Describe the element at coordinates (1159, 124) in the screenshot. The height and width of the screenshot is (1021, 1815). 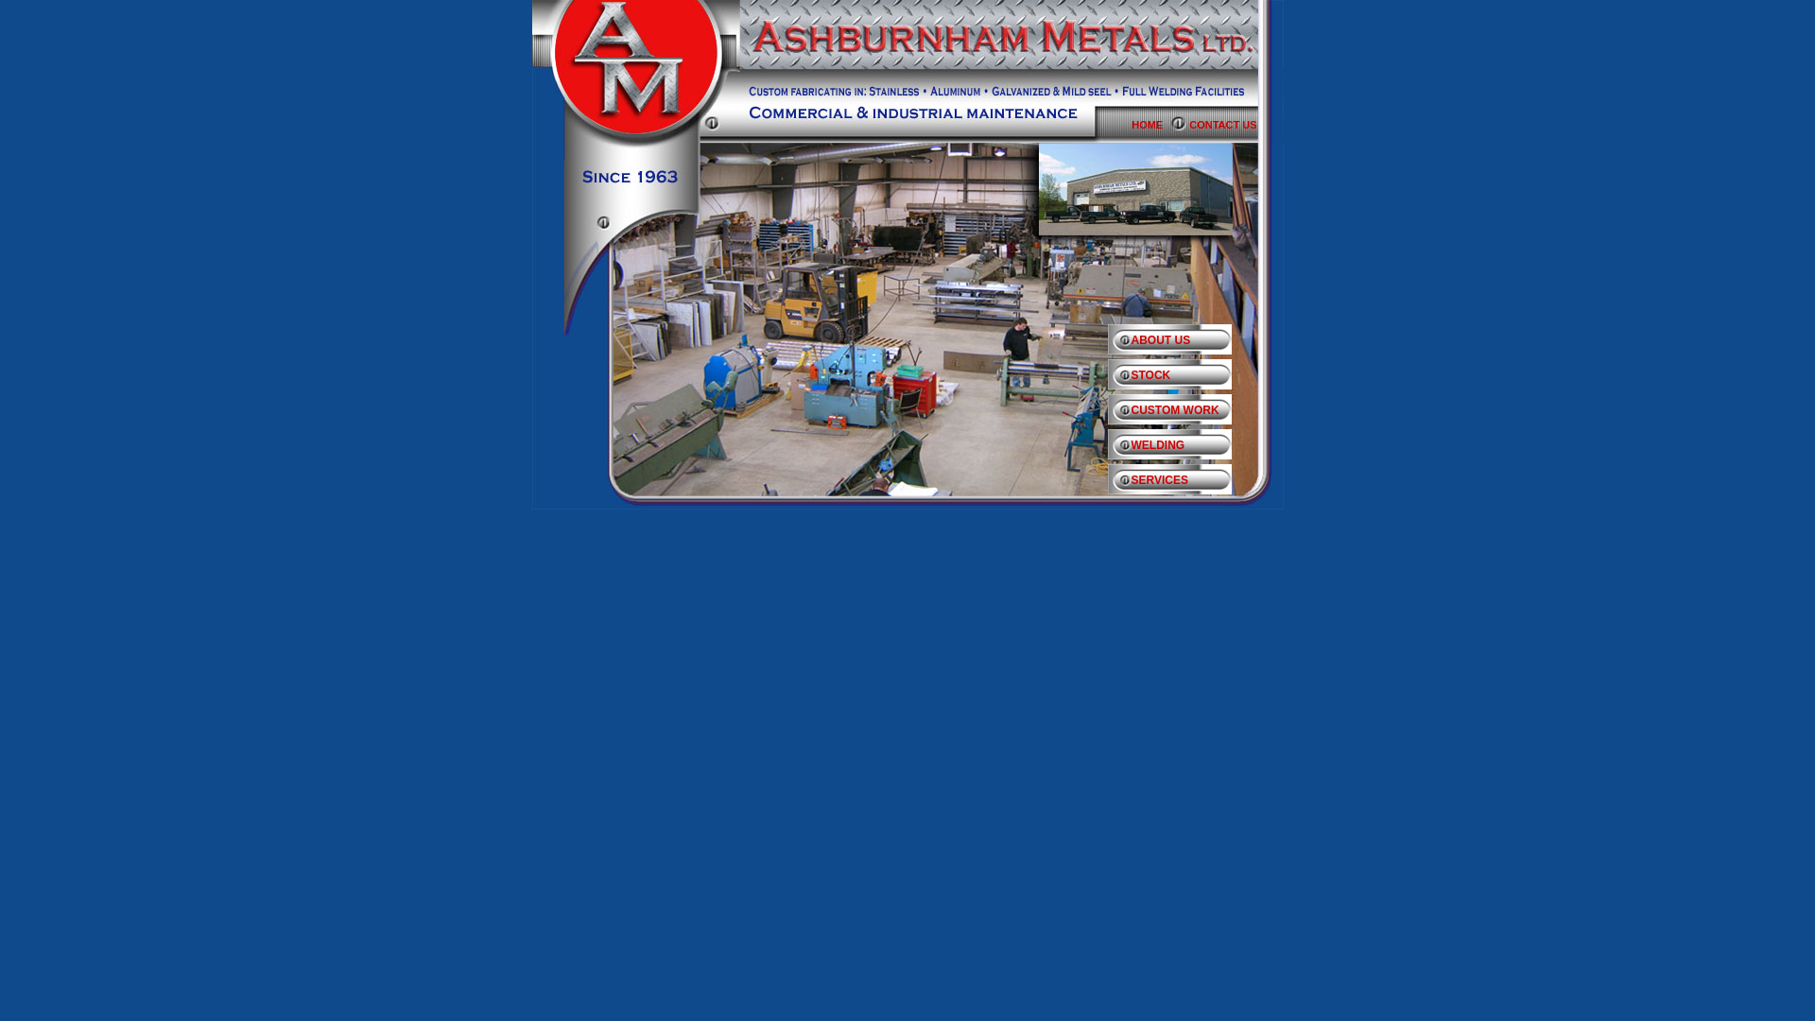
I see `'HOME'` at that location.